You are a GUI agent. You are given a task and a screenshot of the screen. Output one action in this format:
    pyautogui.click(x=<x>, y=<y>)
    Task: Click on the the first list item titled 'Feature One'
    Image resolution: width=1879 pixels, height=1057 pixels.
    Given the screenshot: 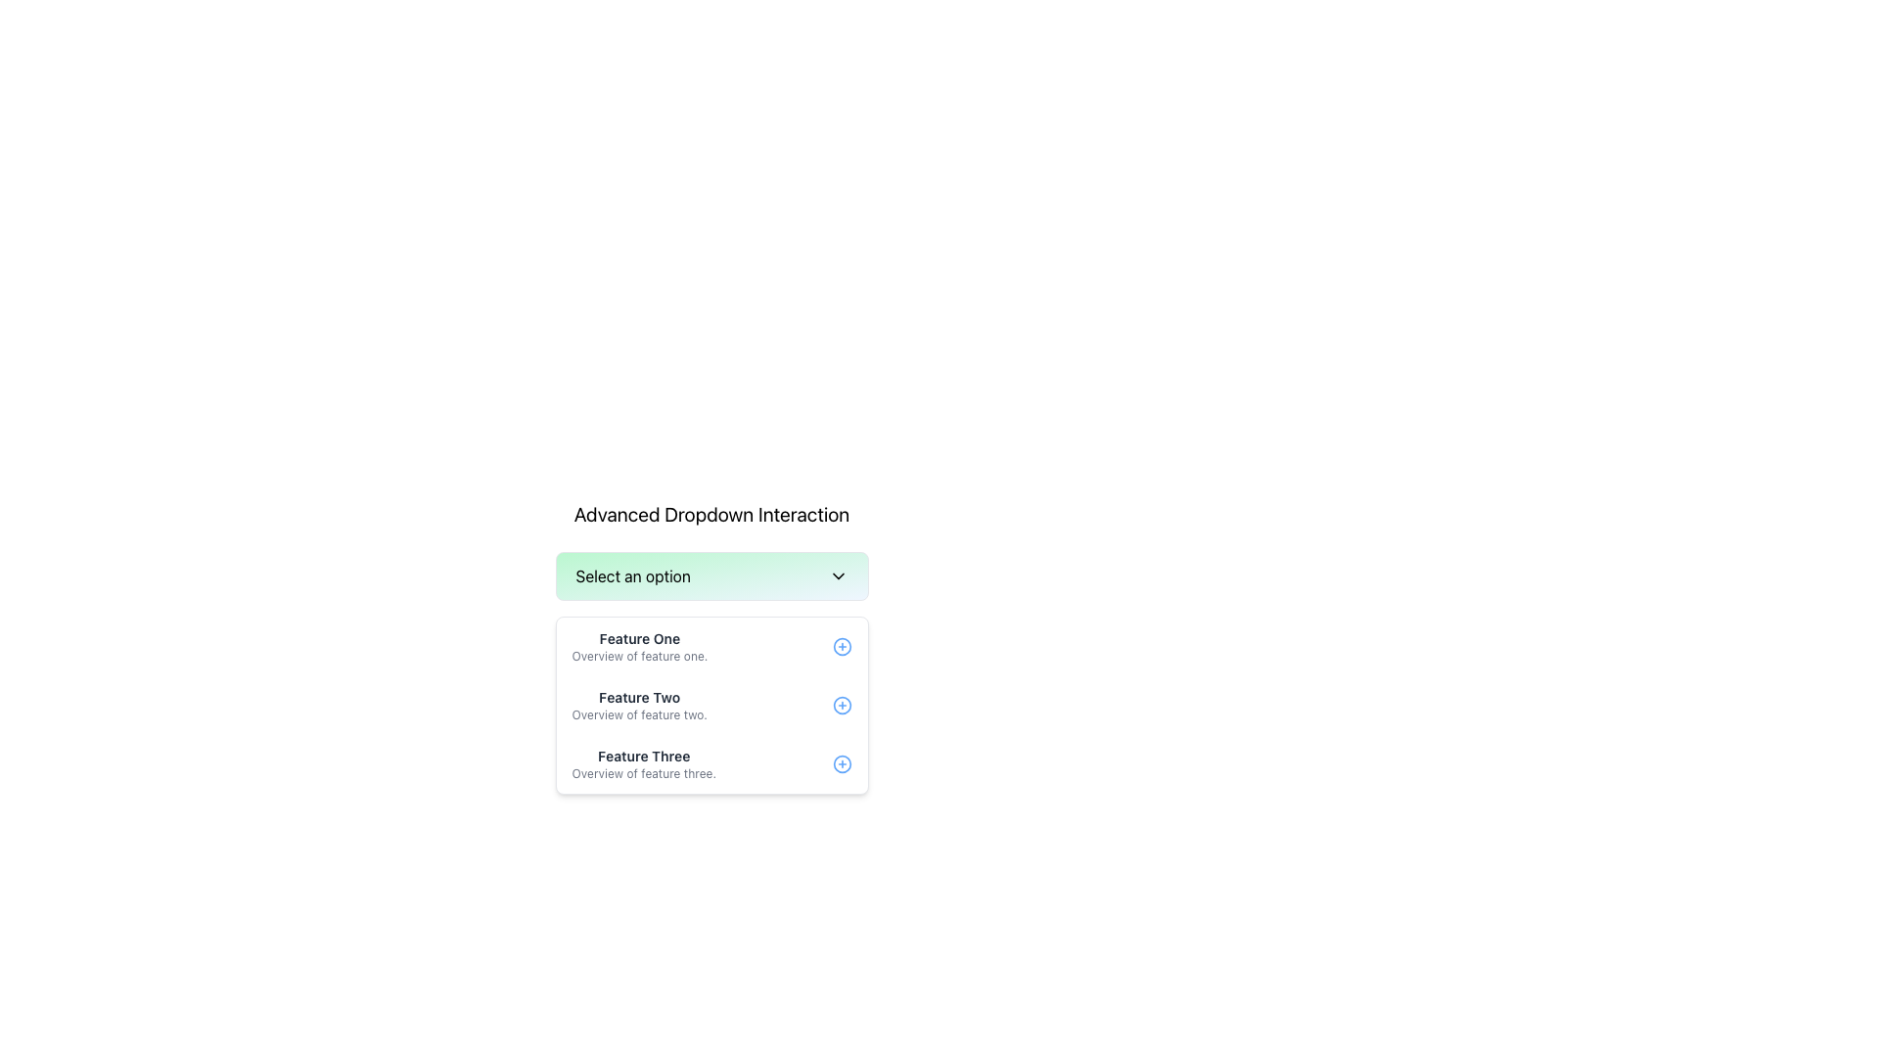 What is the action you would take?
    pyautogui.click(x=710, y=646)
    